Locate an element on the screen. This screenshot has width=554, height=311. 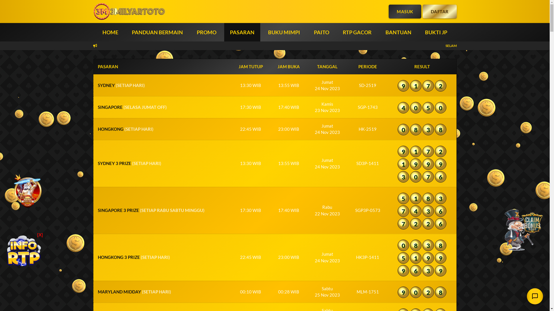
'MARYLAND MIDDAY (SETIAP HARI)' is located at coordinates (134, 292).